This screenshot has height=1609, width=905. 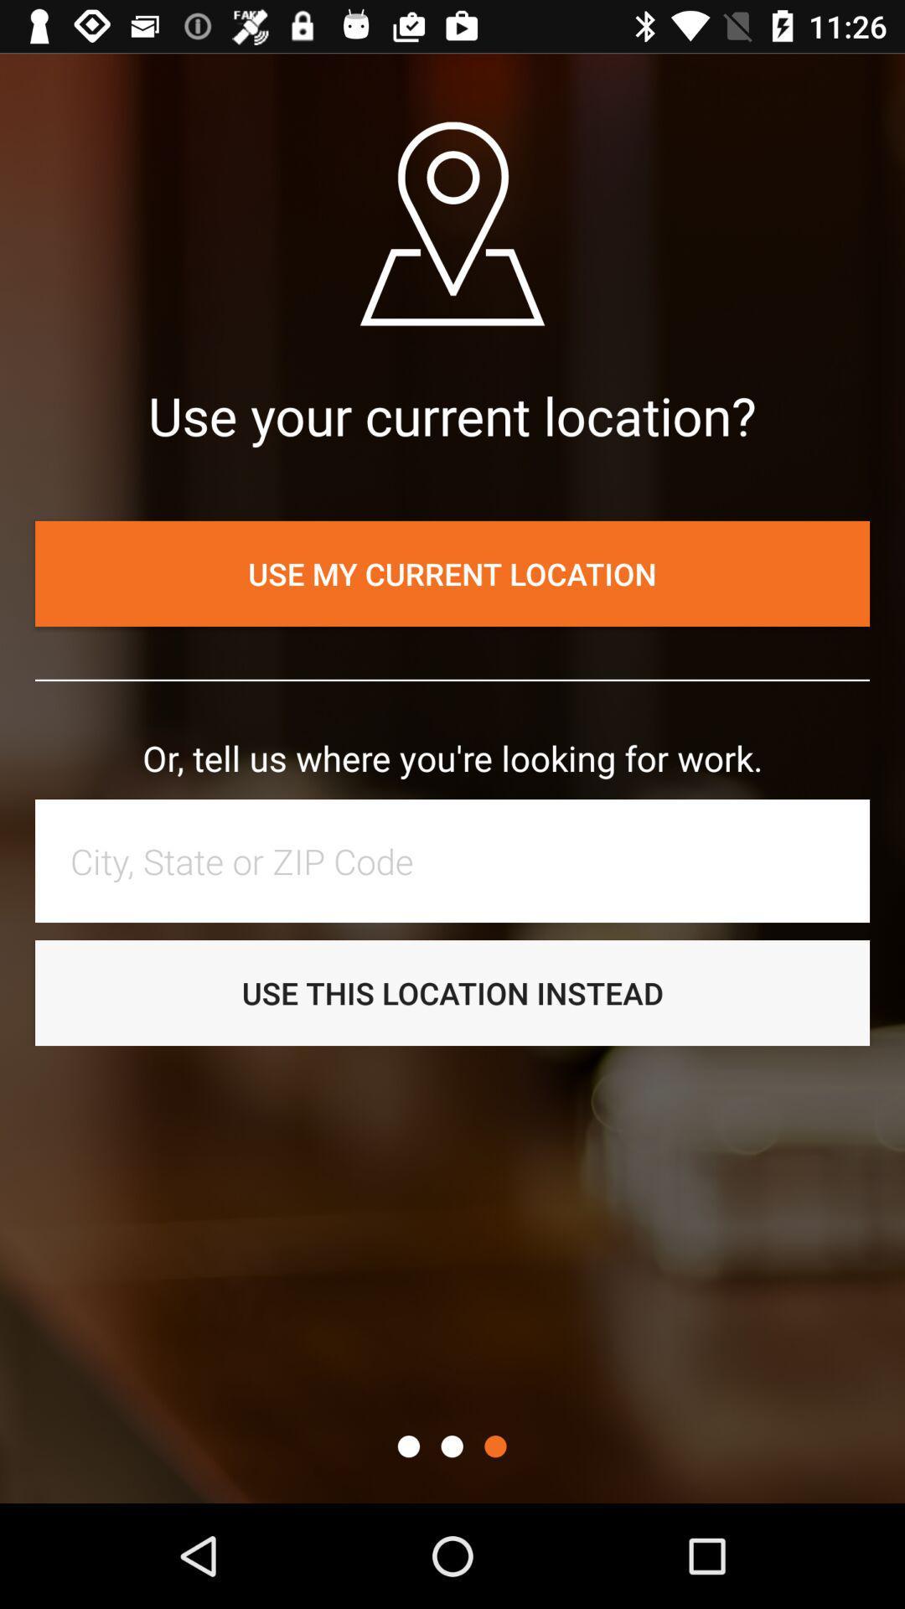 I want to click on insert the location, so click(x=461, y=861).